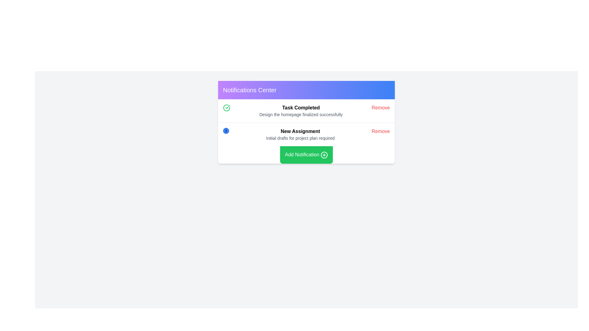 Image resolution: width=589 pixels, height=331 pixels. What do you see at coordinates (306, 111) in the screenshot?
I see `title and subtitle of the first notification entry in the notification card that informs about the completion of a task` at bounding box center [306, 111].